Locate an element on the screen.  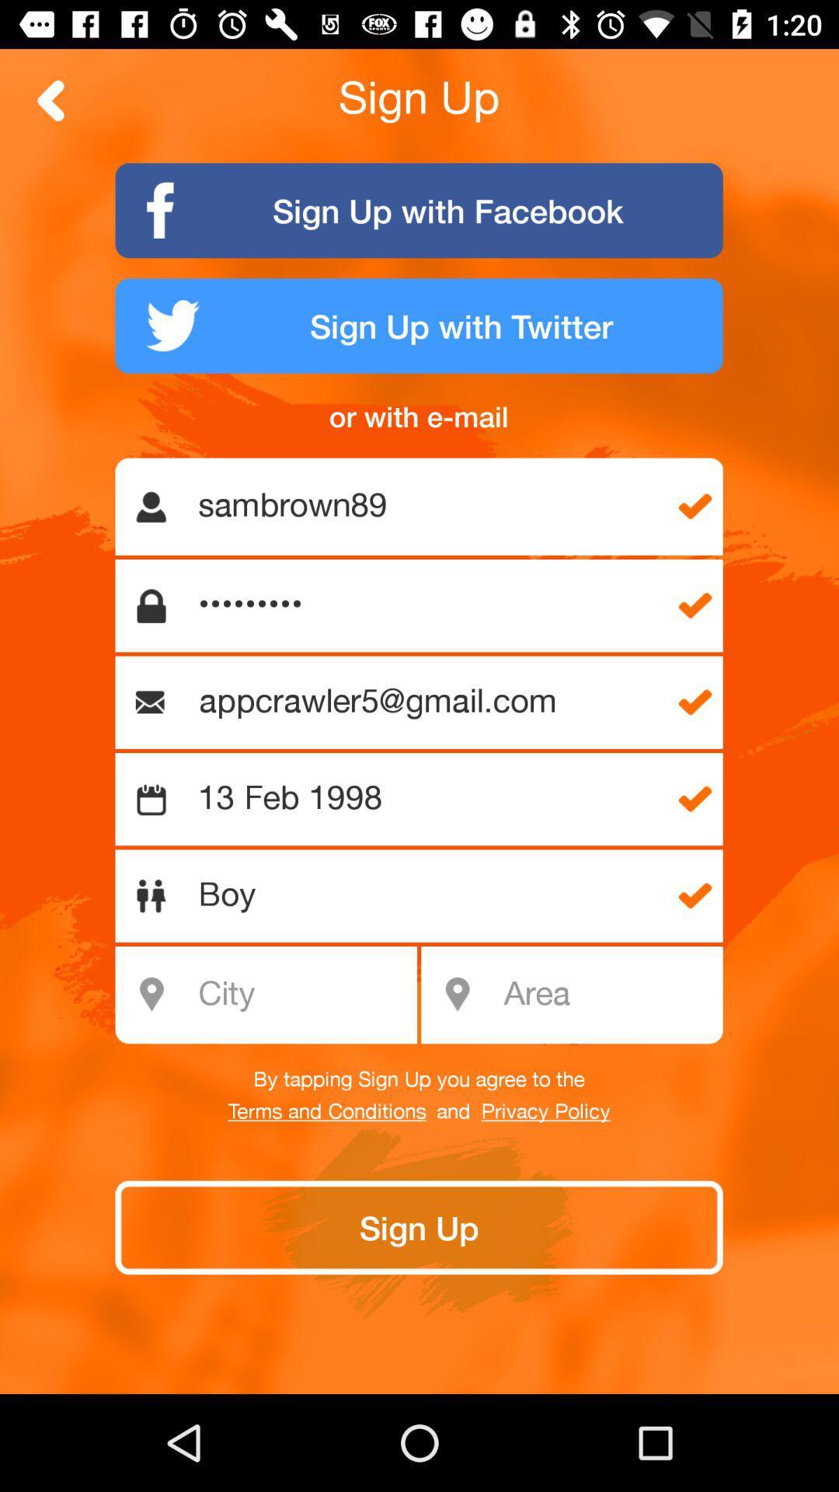
boy item is located at coordinates (427, 896).